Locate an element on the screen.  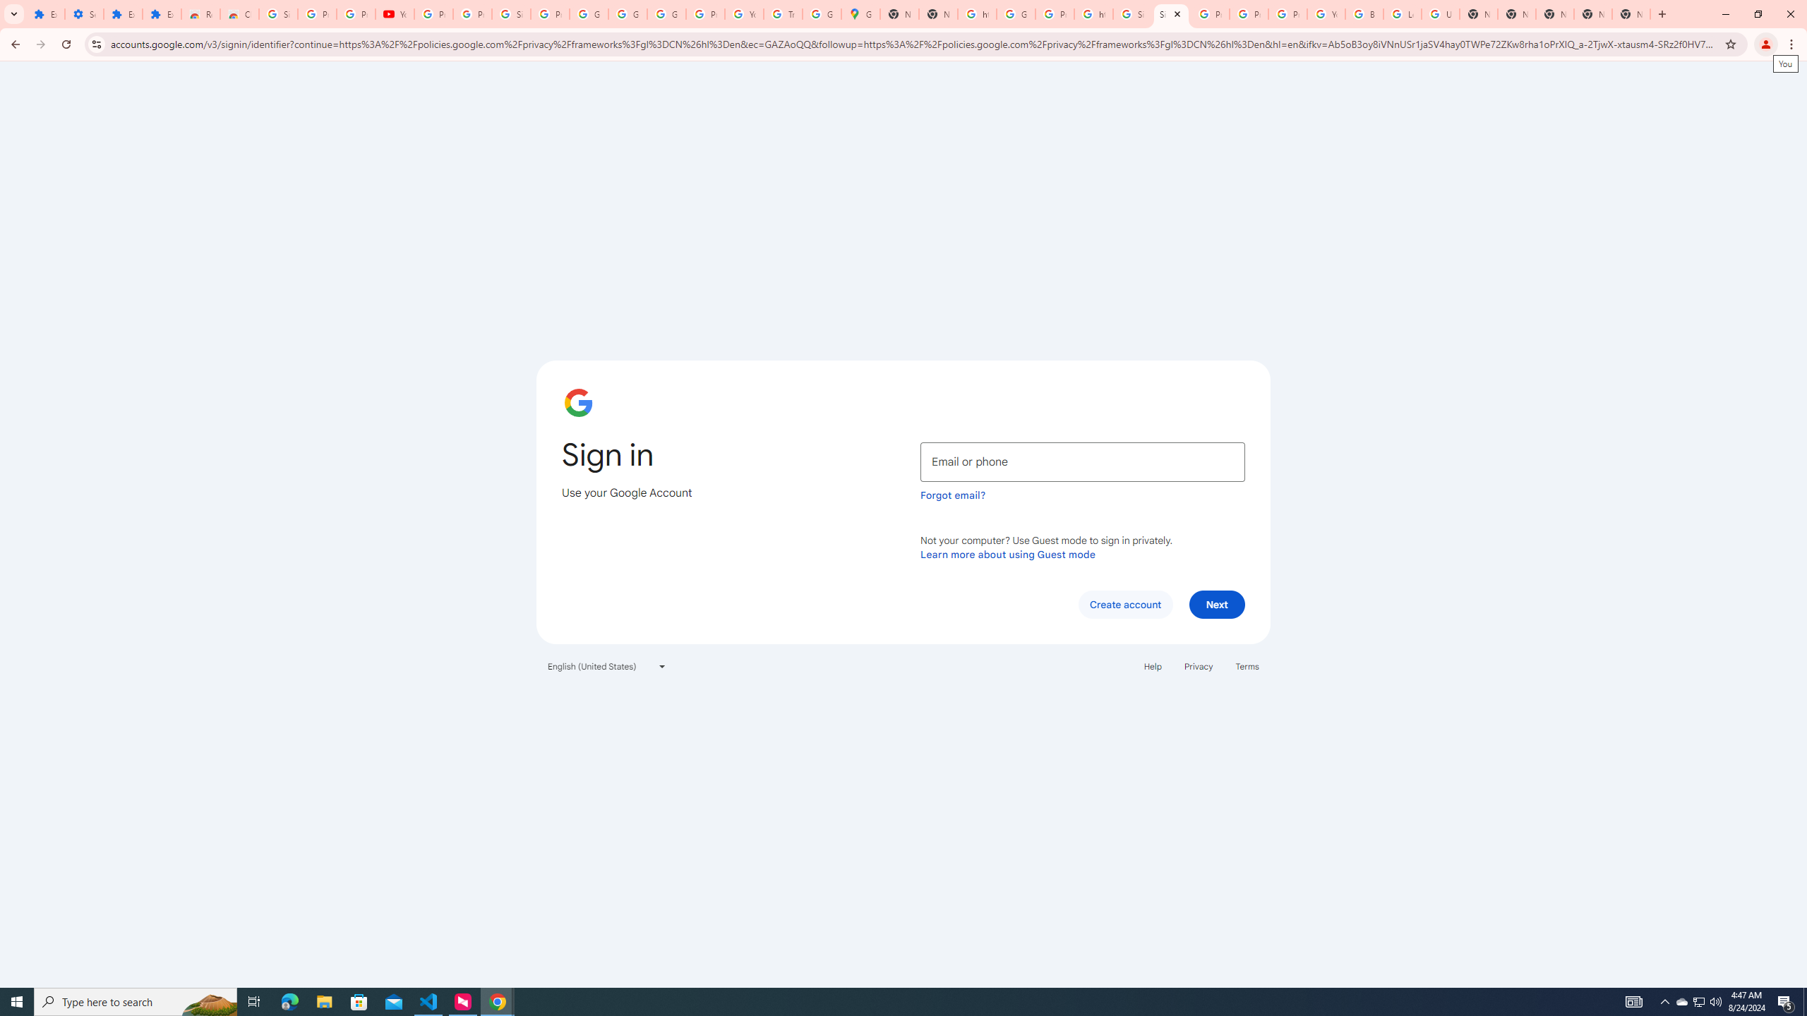
'Chrome Web Store - Themes' is located at coordinates (239, 13).